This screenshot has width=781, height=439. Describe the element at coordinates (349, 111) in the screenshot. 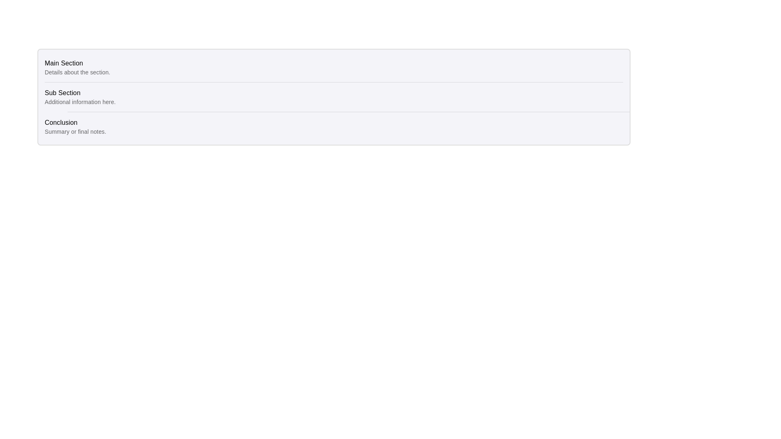

I see `the thin horizontal divider line that separates 'Sub Section Additional information here.' from 'Conclusion Summary or final notes.'` at that location.